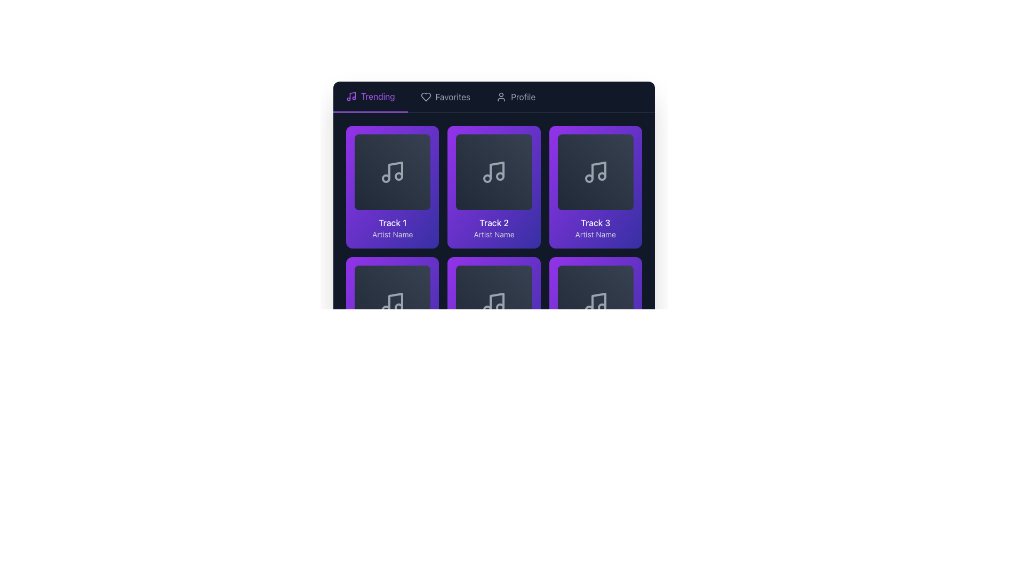 The image size is (1024, 576). What do you see at coordinates (351, 97) in the screenshot?
I see `the musical note icon located in the leftmost position of the top navigation bar` at bounding box center [351, 97].